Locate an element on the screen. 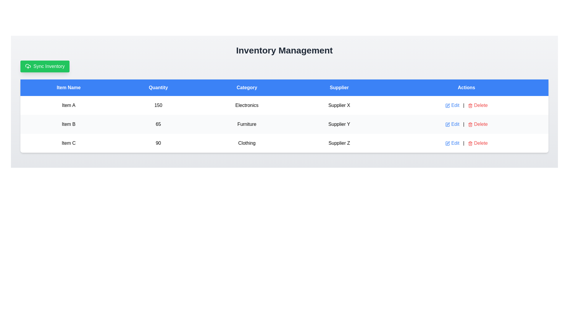  the delete icon button located in the 'Actions' column of the table row for 'Item C' to initiate the delete action is located at coordinates (470, 143).